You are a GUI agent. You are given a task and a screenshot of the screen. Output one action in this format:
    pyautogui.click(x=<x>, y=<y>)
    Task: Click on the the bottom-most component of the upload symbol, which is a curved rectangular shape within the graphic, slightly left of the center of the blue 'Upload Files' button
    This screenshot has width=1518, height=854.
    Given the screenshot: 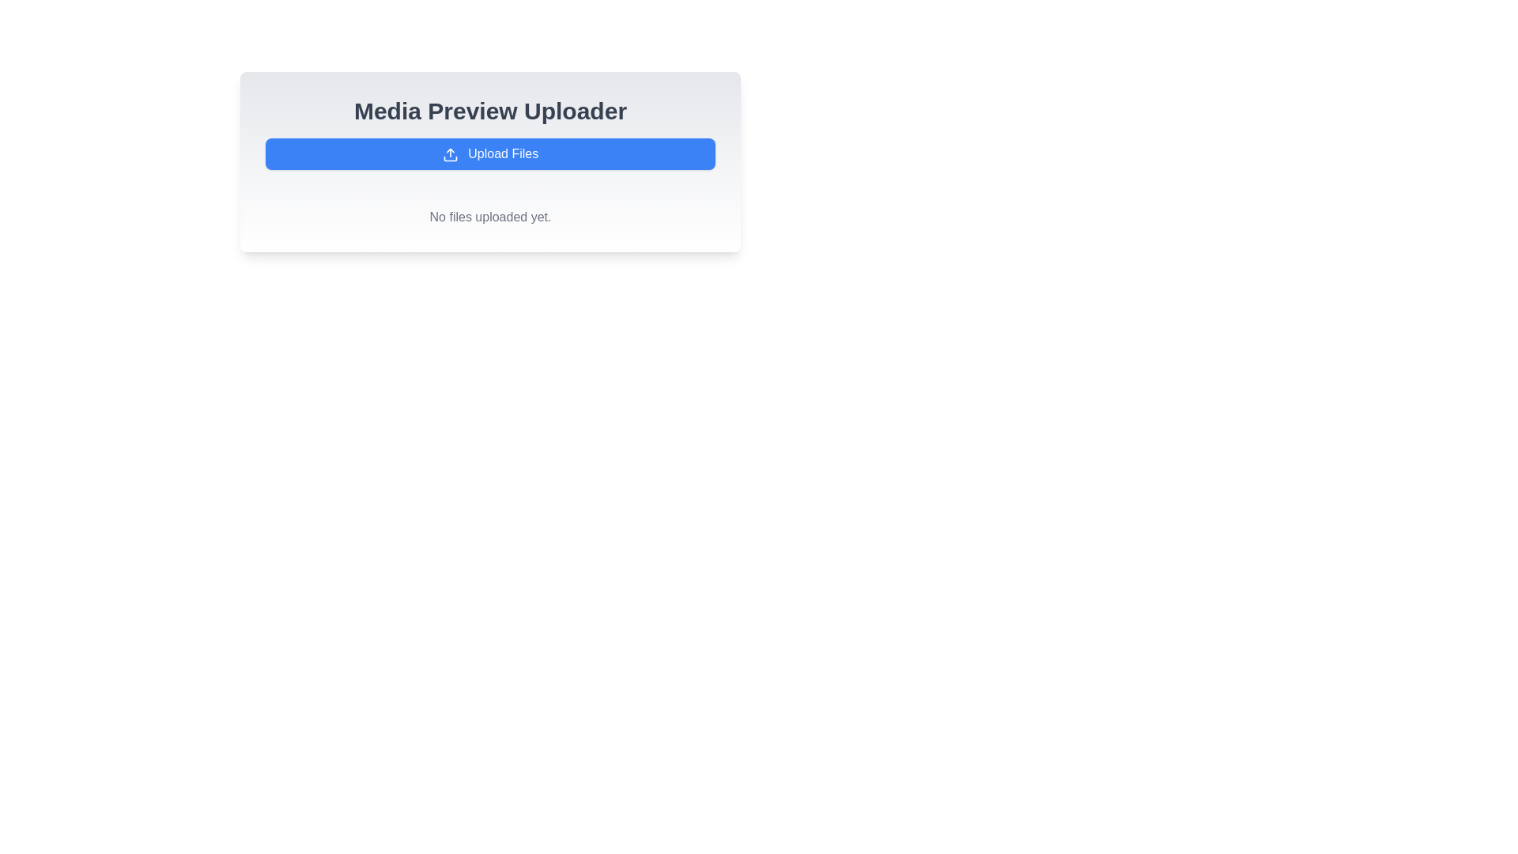 What is the action you would take?
    pyautogui.click(x=449, y=158)
    